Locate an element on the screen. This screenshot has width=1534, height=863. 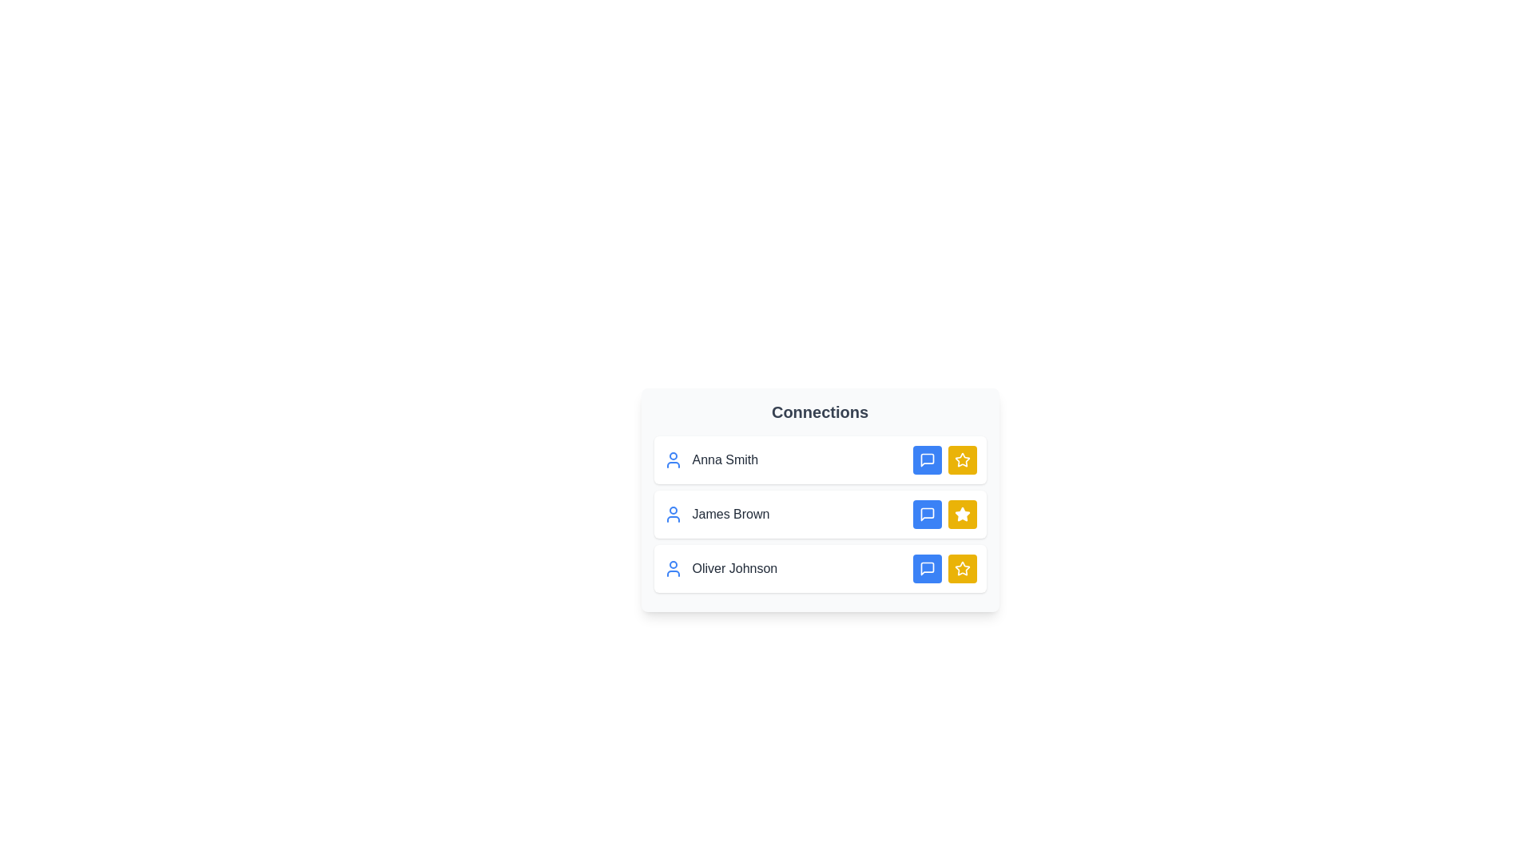
message button next to Anna Smith to initiate a message is located at coordinates (927, 459).